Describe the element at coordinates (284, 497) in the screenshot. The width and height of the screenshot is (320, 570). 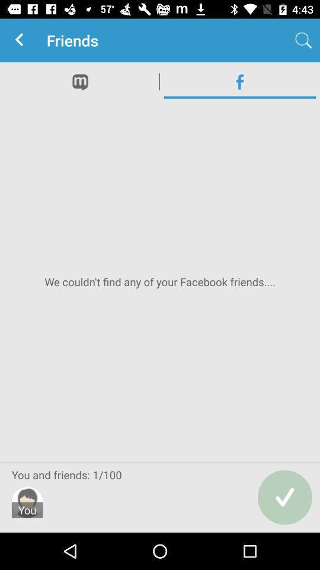
I see `the check icon` at that location.